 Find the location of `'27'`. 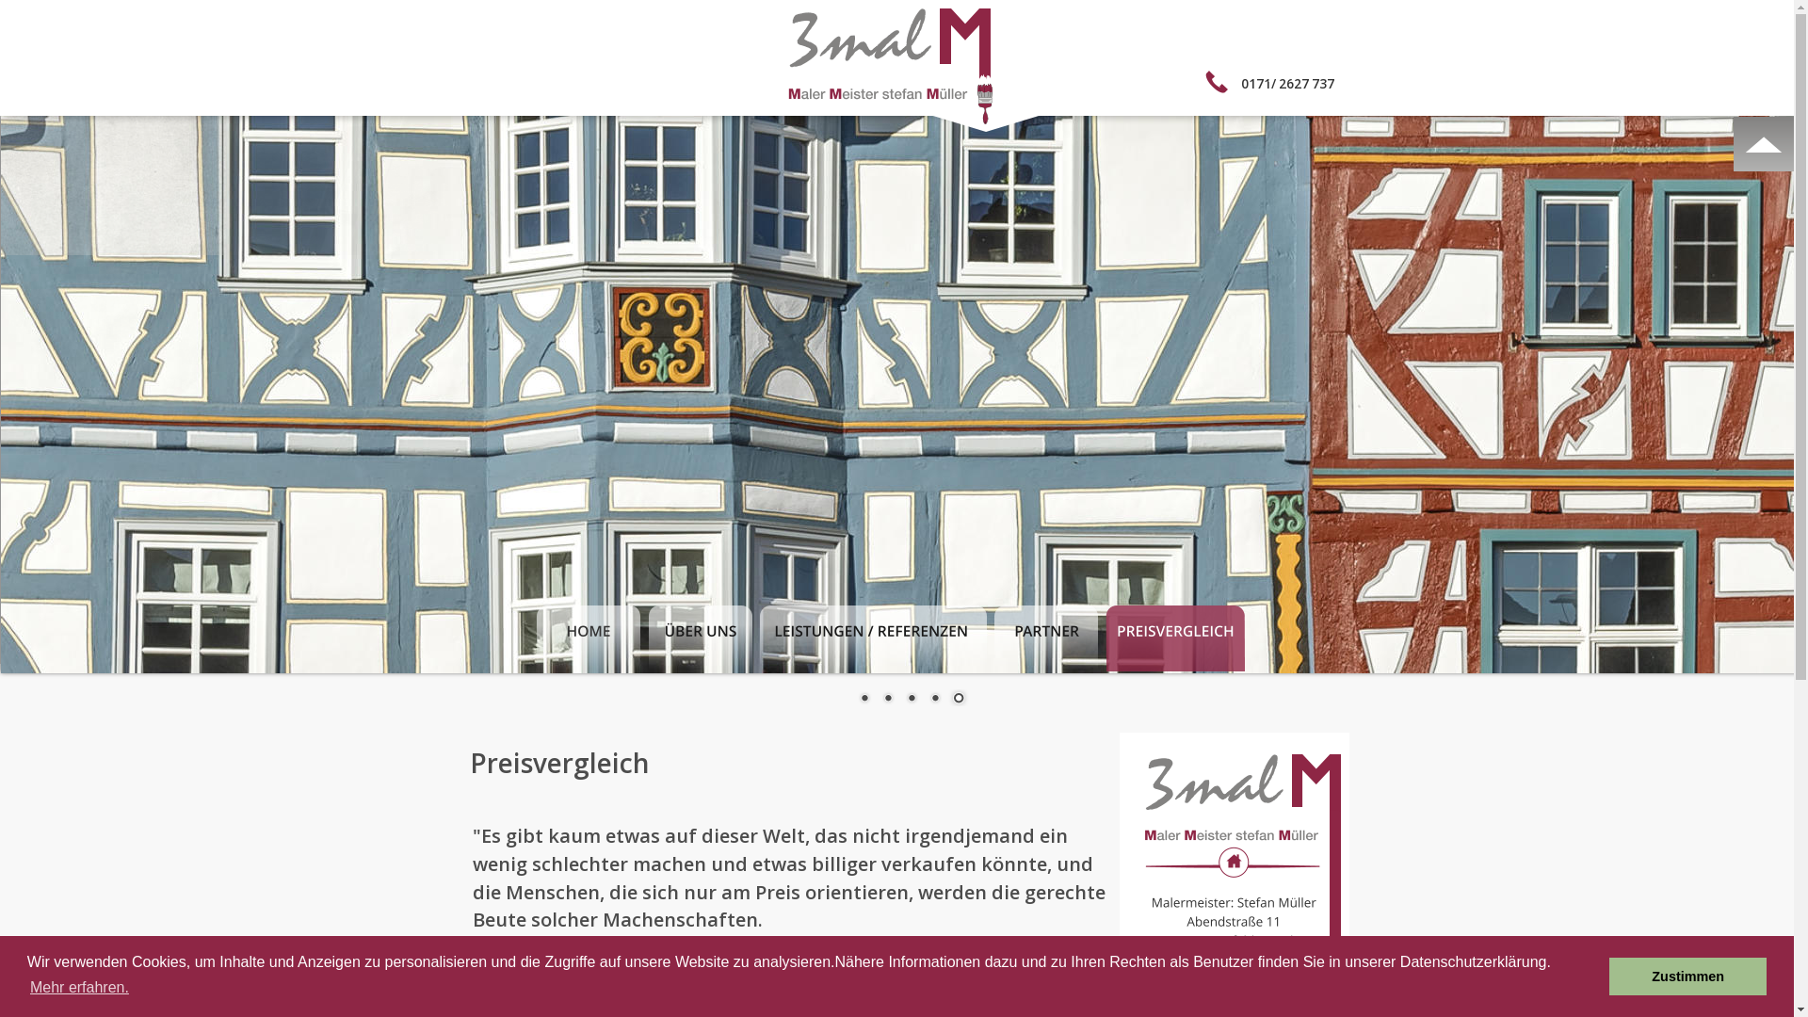

'27' is located at coordinates (1300, 82).